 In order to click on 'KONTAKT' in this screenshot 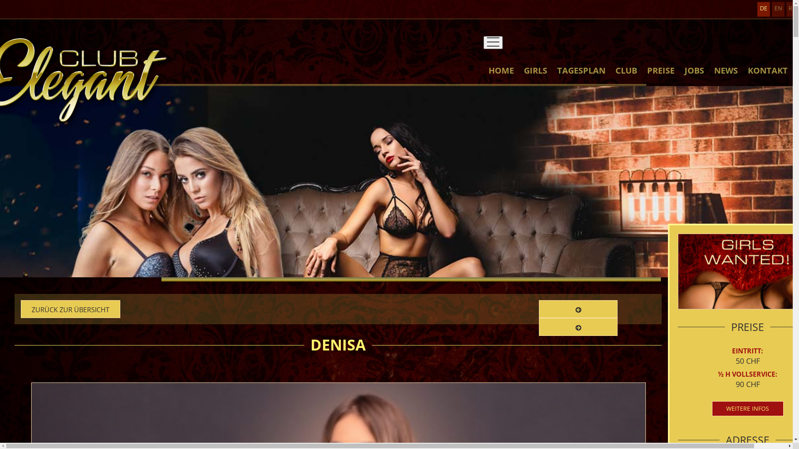, I will do `click(767, 78)`.